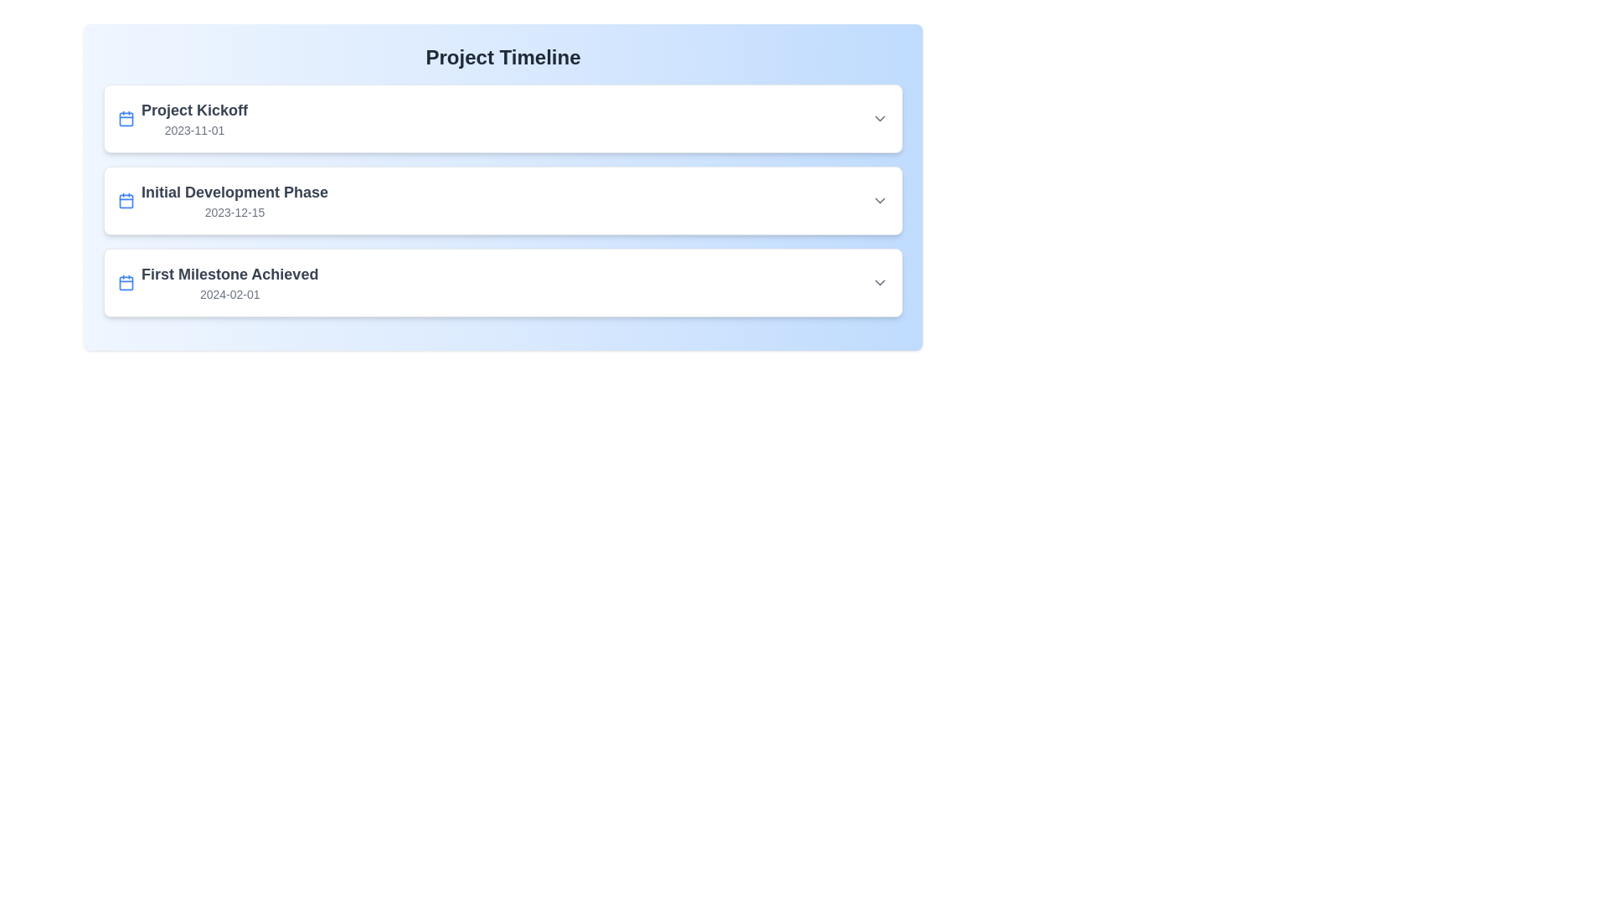 Image resolution: width=1608 pixels, height=904 pixels. What do you see at coordinates (234, 192) in the screenshot?
I see `the static text label representing the title of the phase in the project timeline, located in the second card of the vertical layout` at bounding box center [234, 192].